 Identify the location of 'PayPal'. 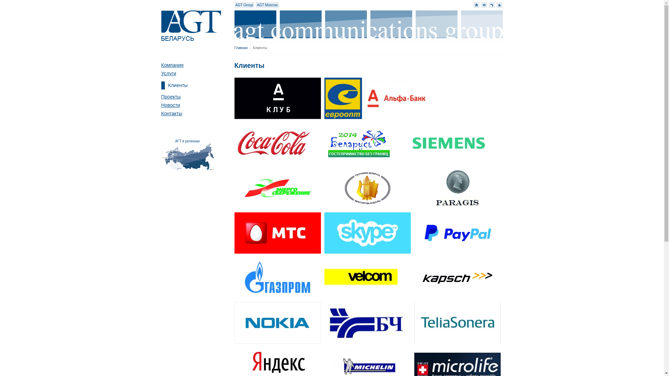
(457, 233).